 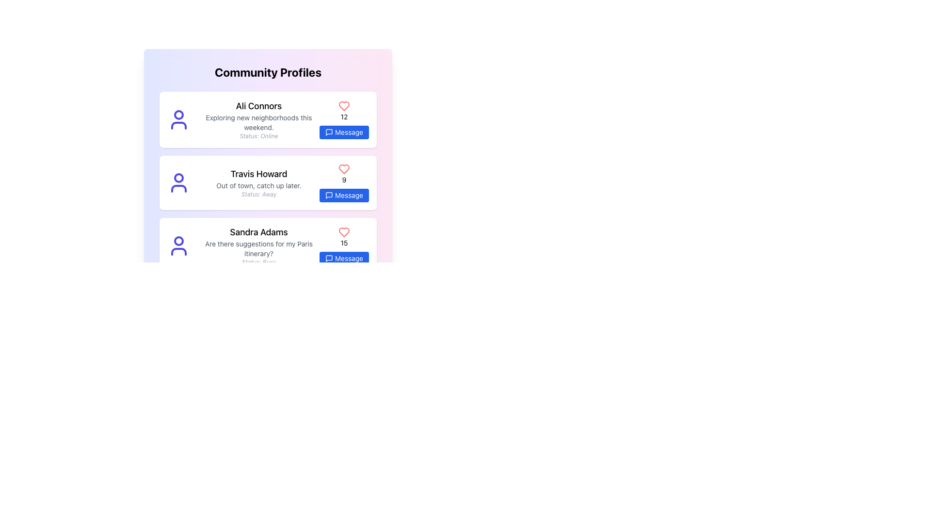 I want to click on the SVG icon that indicates the messaging feature, located to the left within the 'Message' button for the user profile card of 'Ali Connors.', so click(x=329, y=132).